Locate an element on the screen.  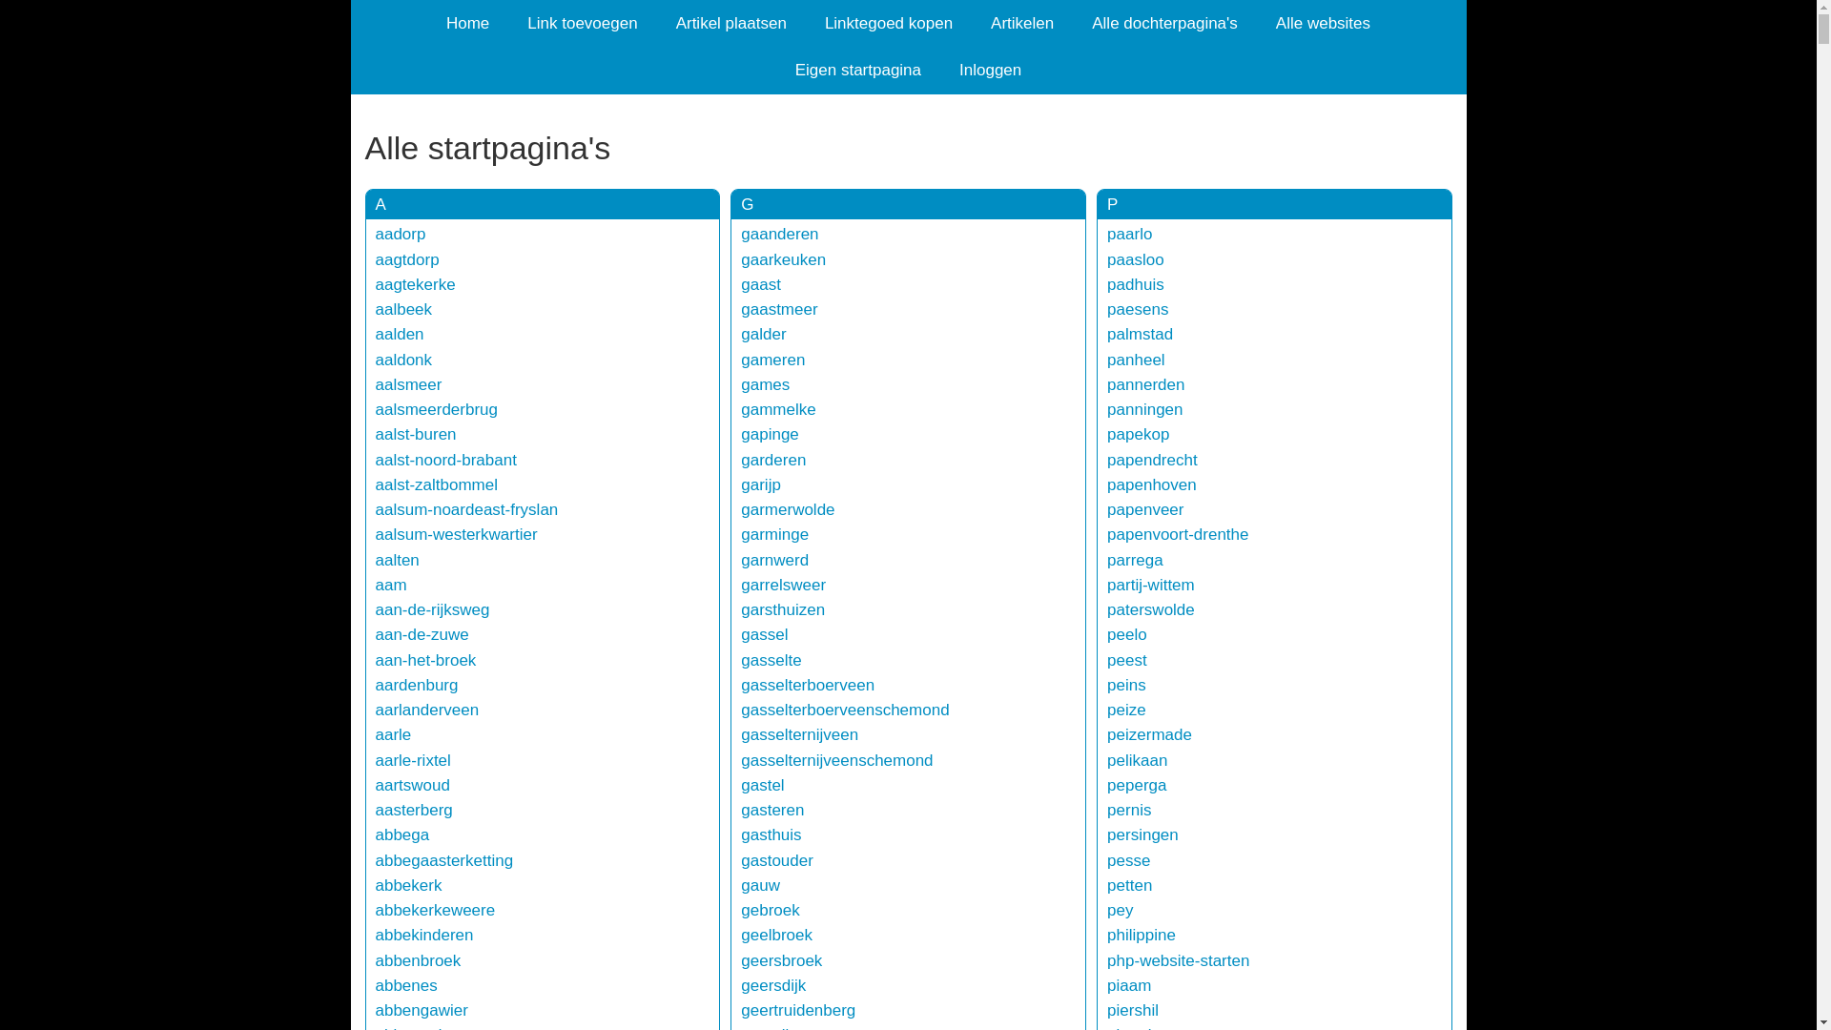
'aarle-rixtel' is located at coordinates (375, 759).